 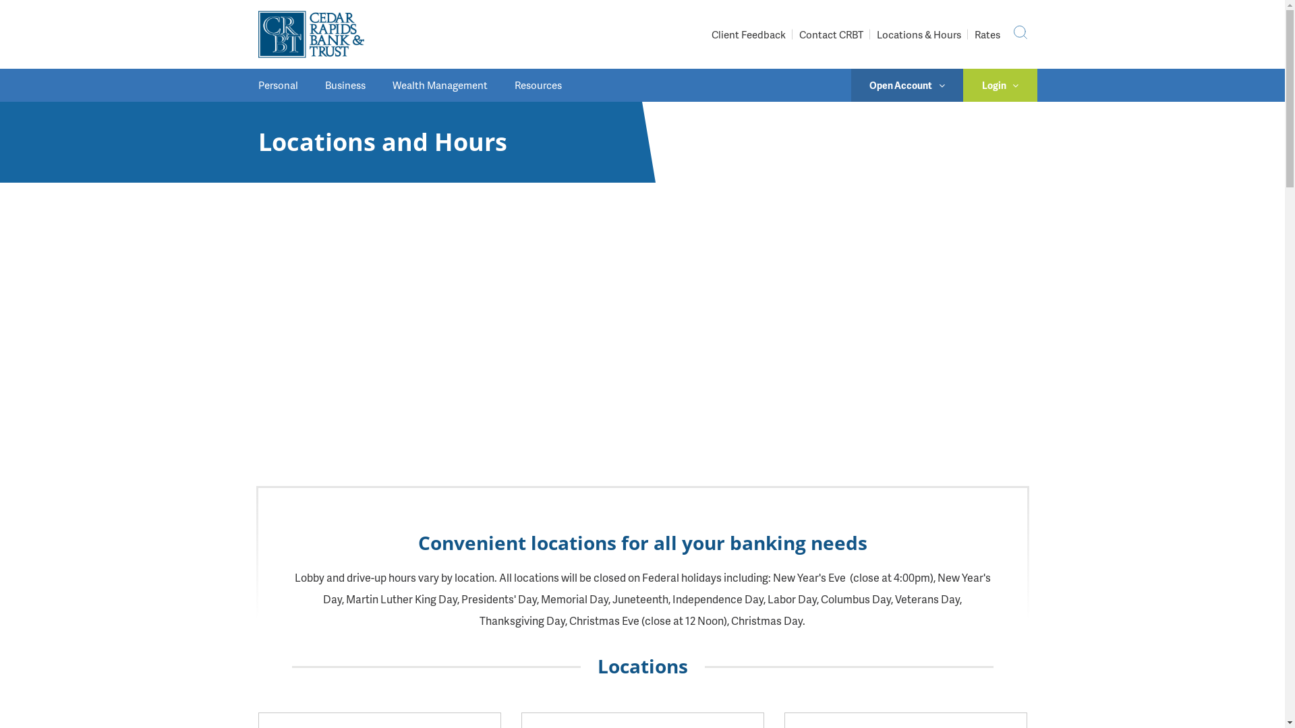 I want to click on 'Rates', so click(x=987, y=33).